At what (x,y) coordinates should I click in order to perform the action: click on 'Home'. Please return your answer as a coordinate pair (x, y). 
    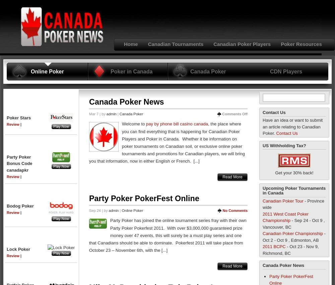
    Looking at the image, I should click on (131, 44).